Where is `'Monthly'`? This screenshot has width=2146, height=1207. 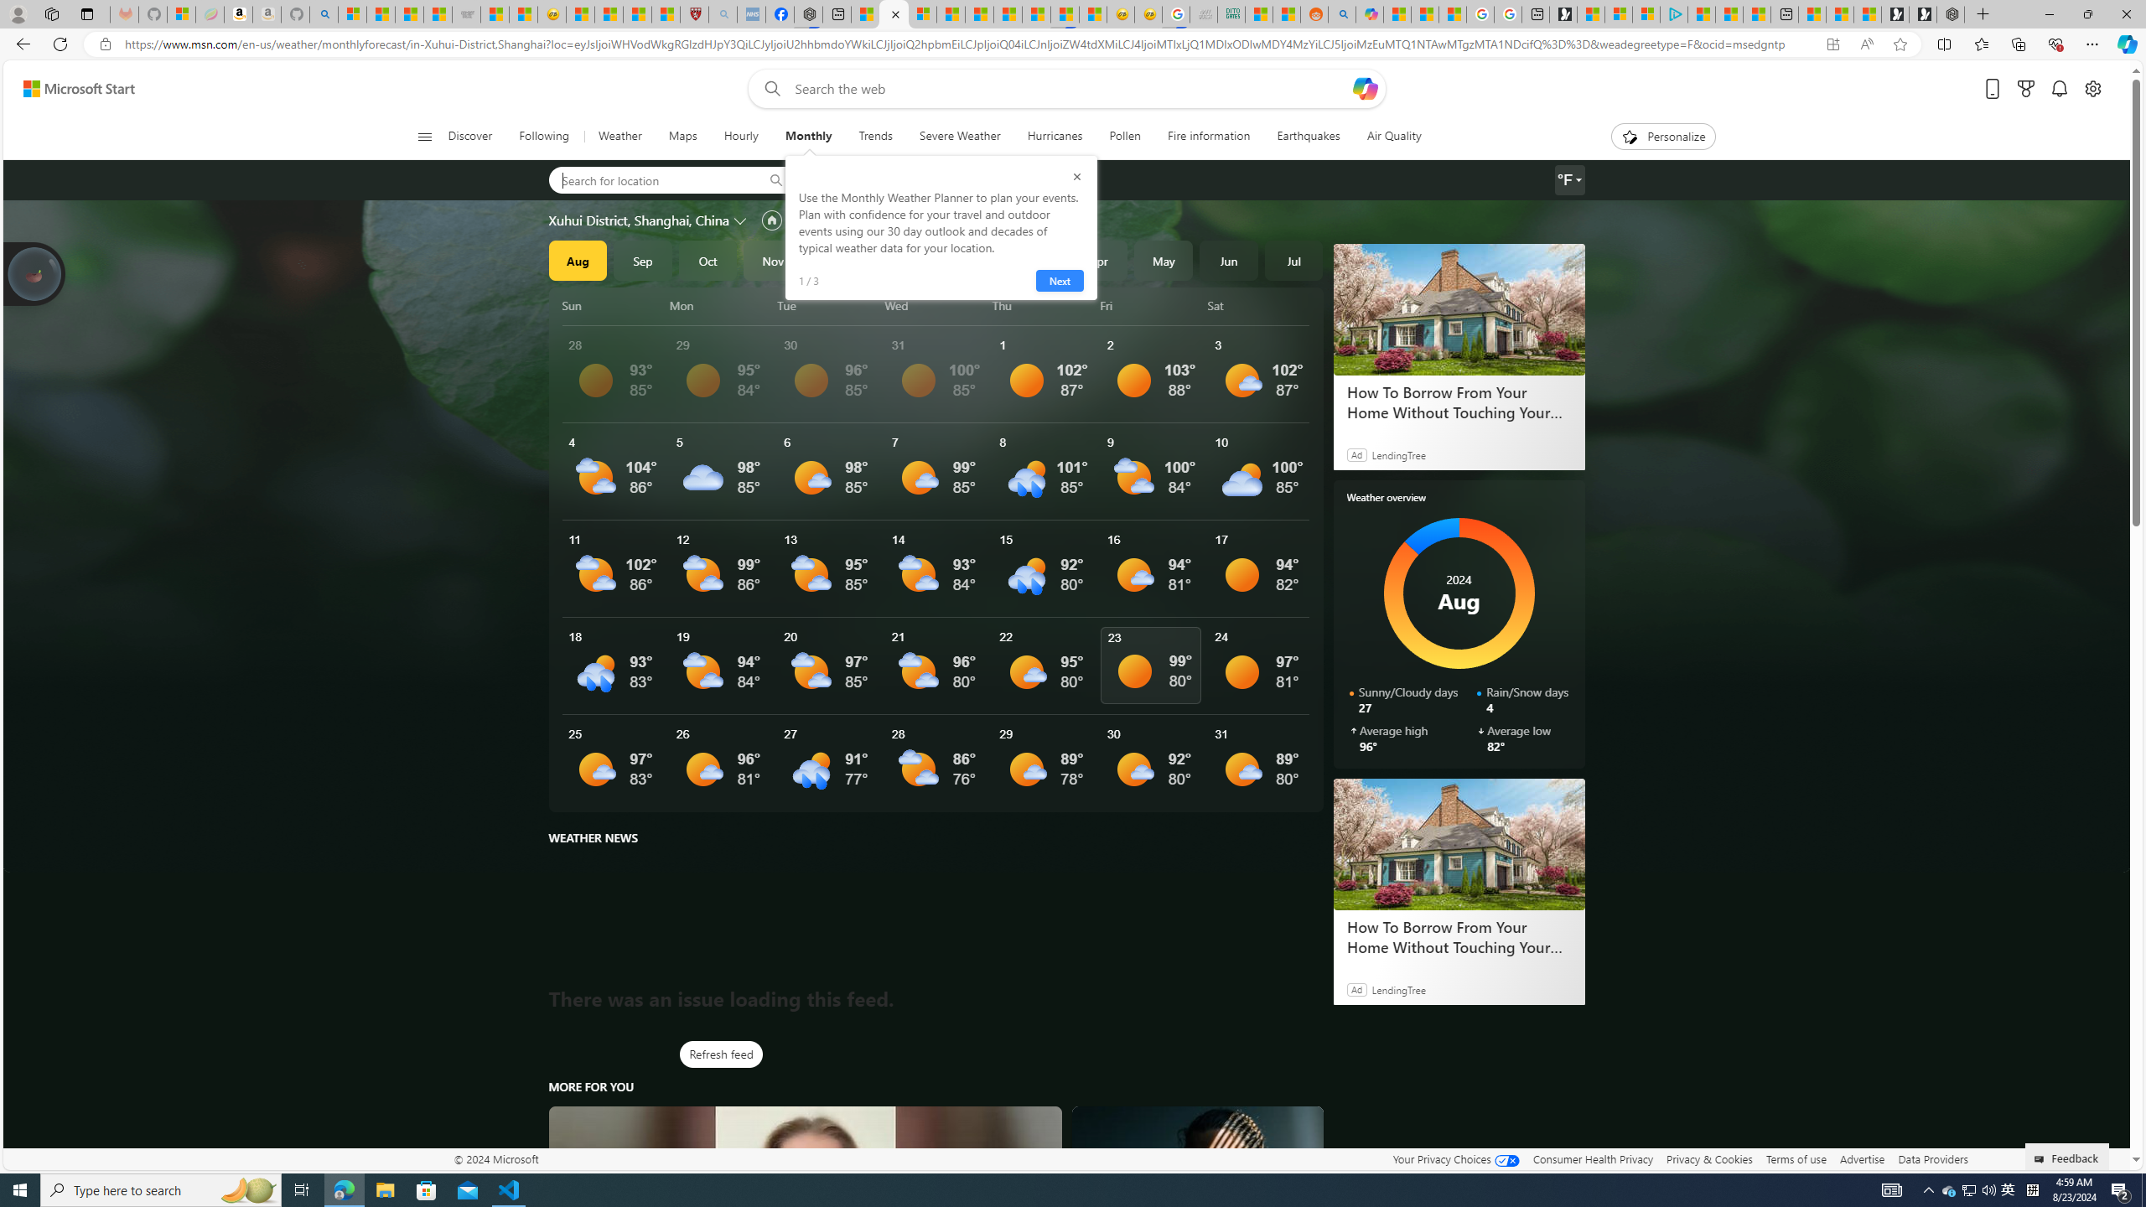
'Monthly' is located at coordinates (806, 136).